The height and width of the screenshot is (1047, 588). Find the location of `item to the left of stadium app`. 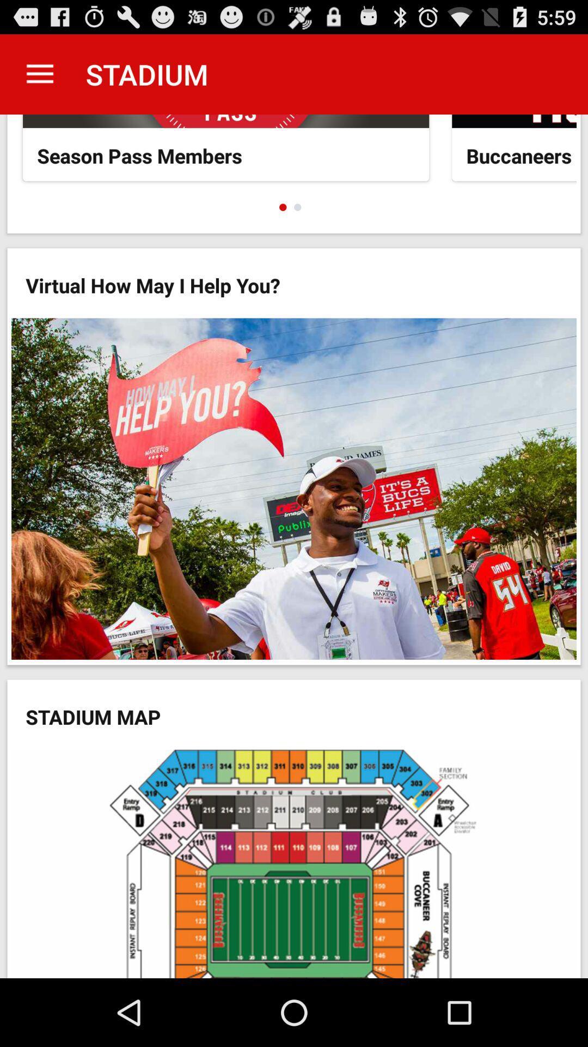

item to the left of stadium app is located at coordinates (39, 74).